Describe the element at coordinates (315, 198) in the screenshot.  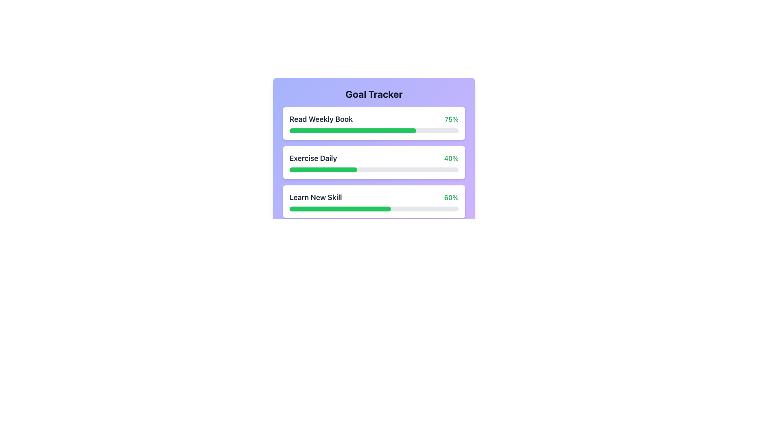
I see `the Text Label element that displays 'Learn New Skill', which is styled in a larger bold dark gray font and located in the 'Goal Tracker' pane, aligned left with a progress indicator showing '60%'` at that location.